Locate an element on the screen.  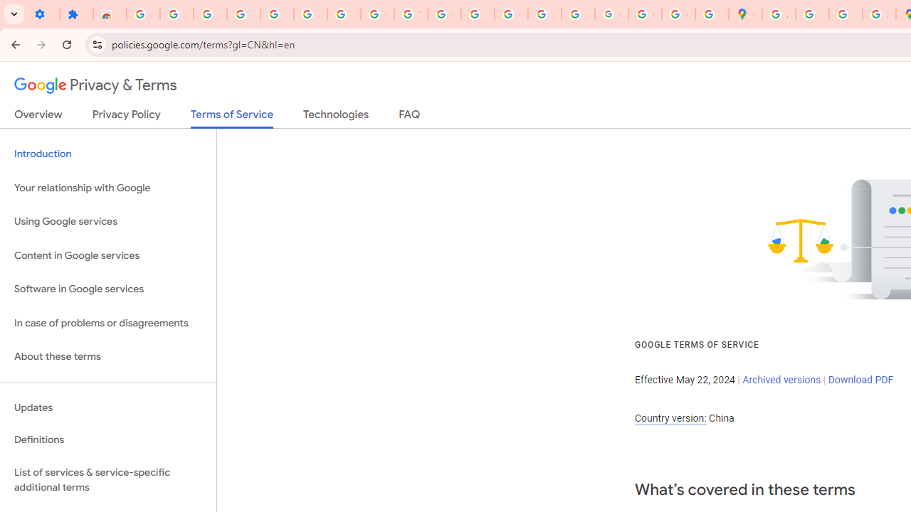
'Safety in Our Products - Google Safety Center' is located at coordinates (878, 14).